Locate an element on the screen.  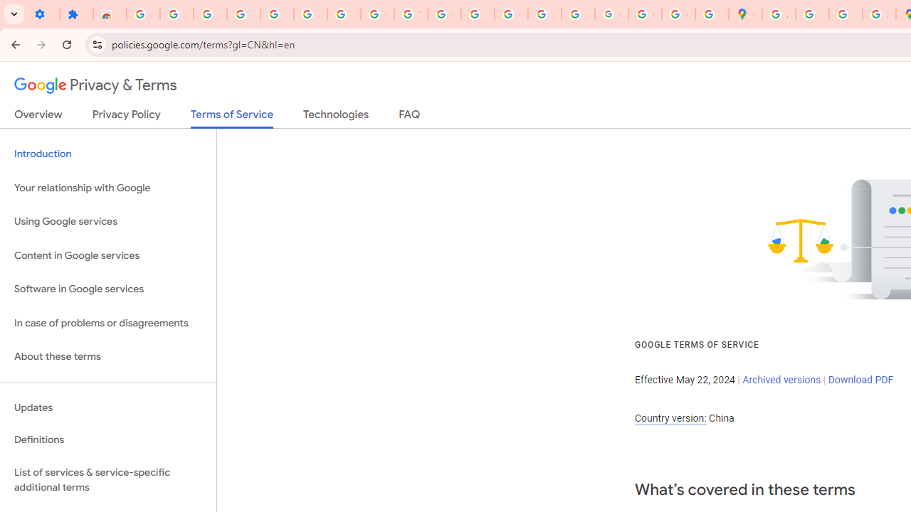
'Safety in Our Products - Google Safety Center' is located at coordinates (878, 14).